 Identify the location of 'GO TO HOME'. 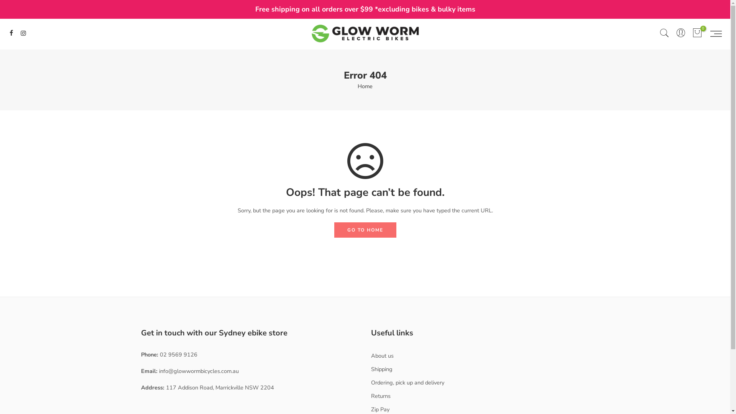
(365, 230).